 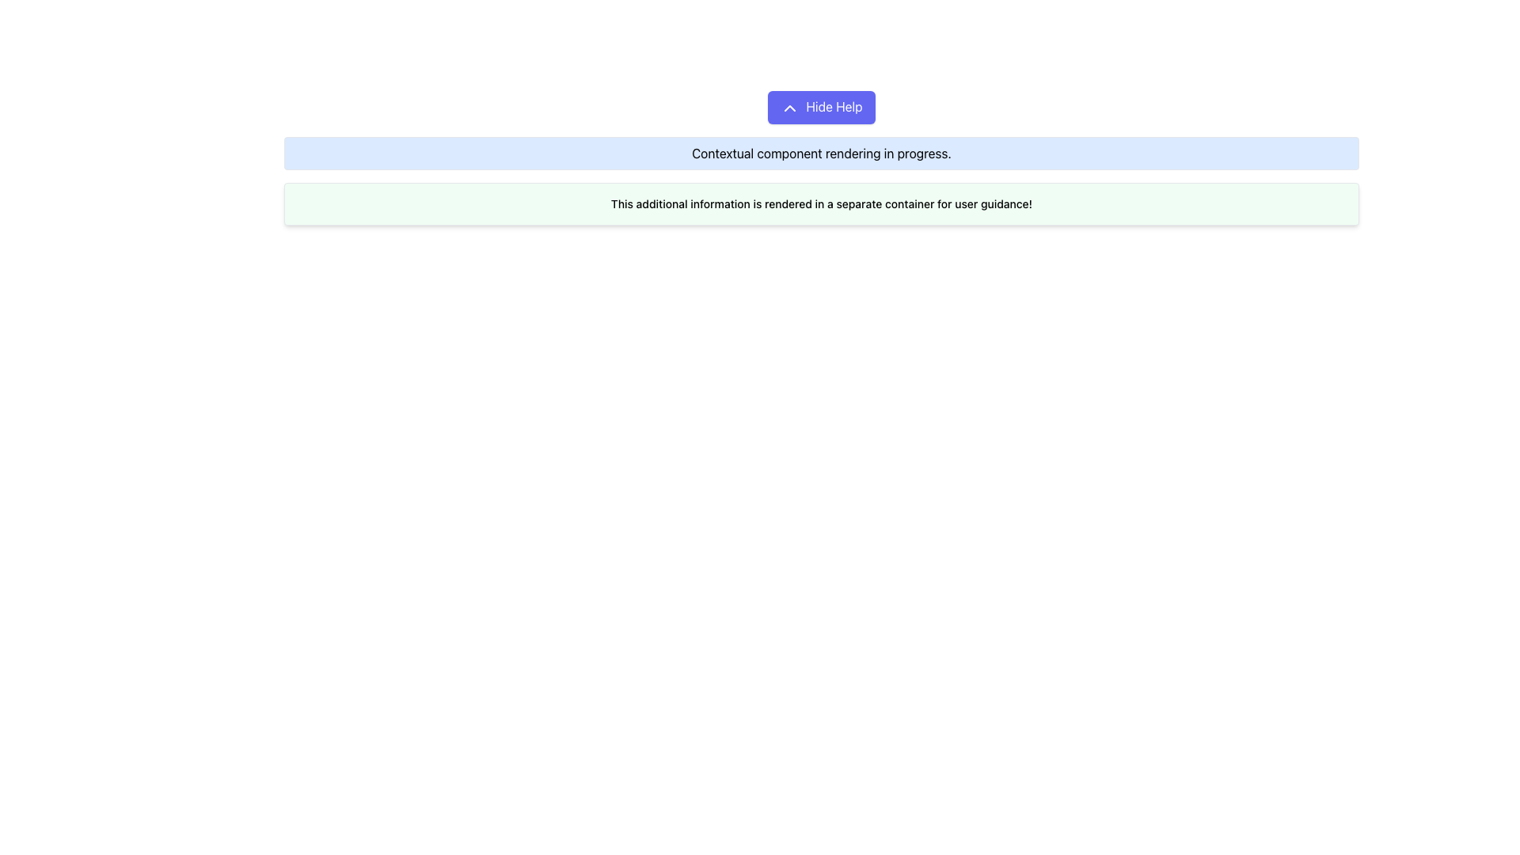 I want to click on the informational Text label located directly below the 'Contextual component rendering in progress' section, which provides additional instructions to the user, so click(x=821, y=203).